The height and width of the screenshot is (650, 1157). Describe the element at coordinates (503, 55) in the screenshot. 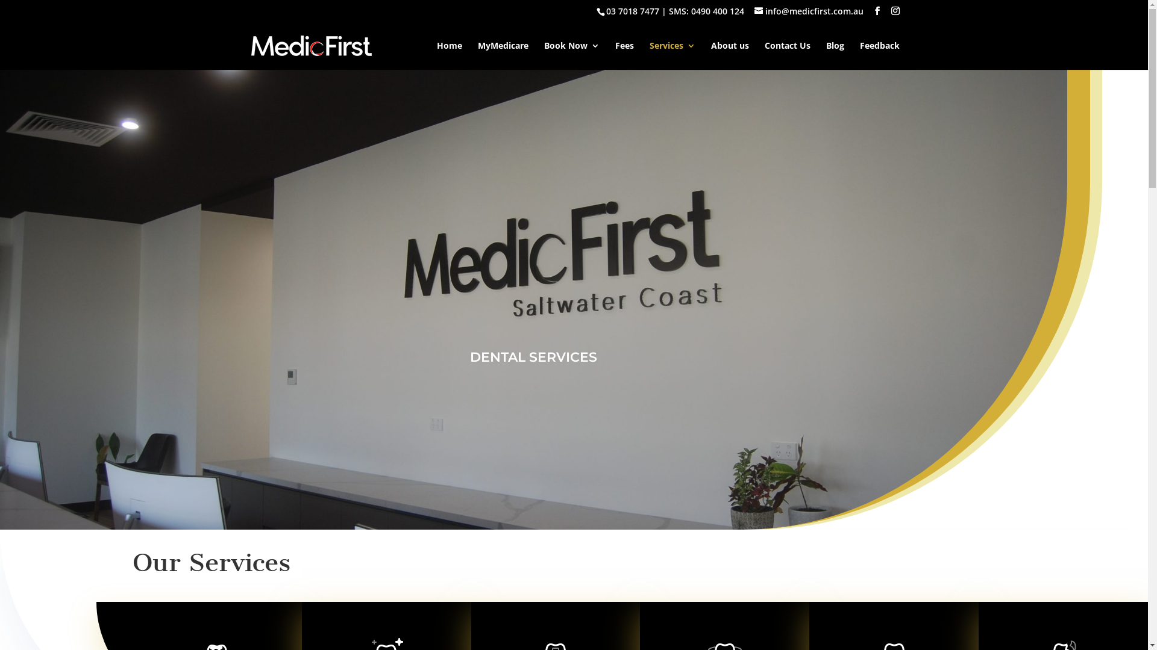

I see `'MyMedicare'` at that location.